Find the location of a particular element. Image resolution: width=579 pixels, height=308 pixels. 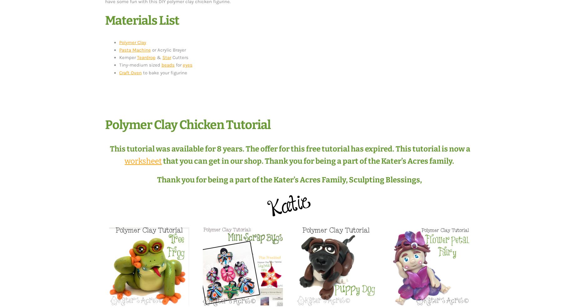

'Craft Oven' is located at coordinates (118, 72).